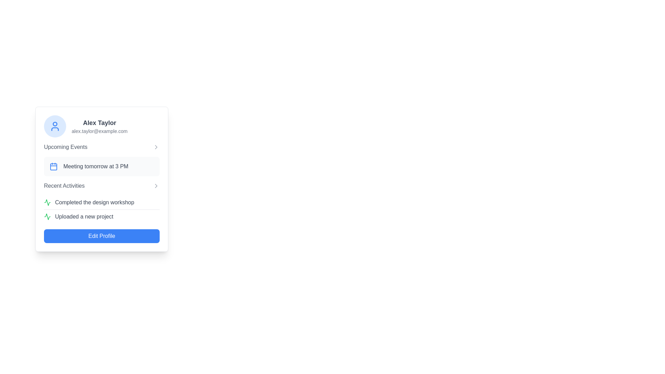 The width and height of the screenshot is (665, 374). I want to click on the Static information card displaying 'Meeting tomorrow at 3 PM' under the 'Upcoming Events' section, so click(101, 167).